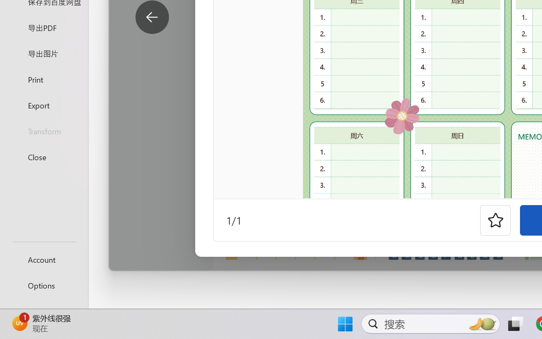 The height and width of the screenshot is (339, 542). What do you see at coordinates (44, 79) in the screenshot?
I see `'Print'` at bounding box center [44, 79].